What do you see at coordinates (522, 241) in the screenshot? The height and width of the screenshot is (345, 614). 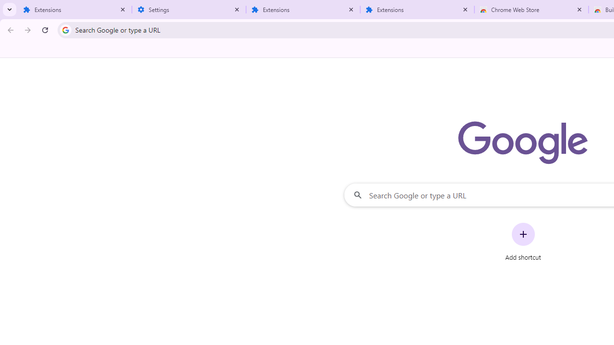 I see `'Add shortcut'` at bounding box center [522, 241].